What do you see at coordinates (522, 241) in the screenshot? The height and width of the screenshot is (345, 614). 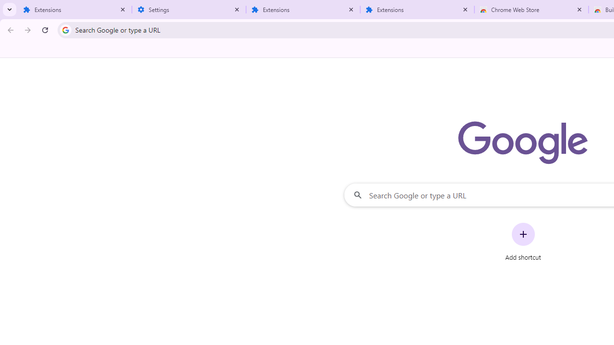 I see `'Add shortcut'` at bounding box center [522, 241].